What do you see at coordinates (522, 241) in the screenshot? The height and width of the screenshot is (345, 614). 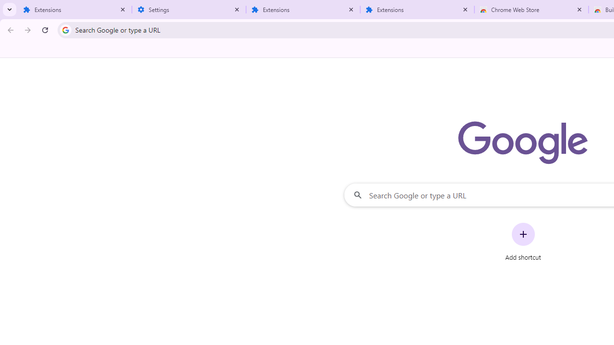 I see `'Add shortcut'` at bounding box center [522, 241].